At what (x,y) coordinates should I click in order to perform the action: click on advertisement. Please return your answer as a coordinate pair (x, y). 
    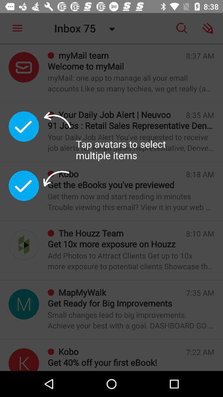
    Looking at the image, I should click on (24, 359).